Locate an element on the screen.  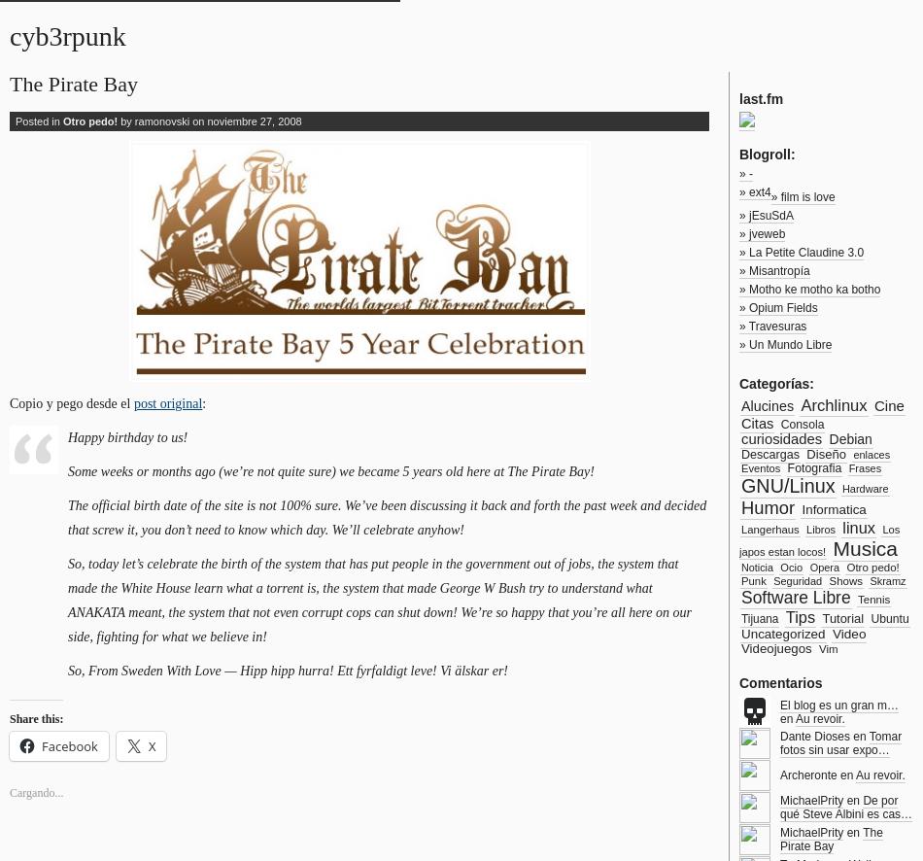
'Hardware' is located at coordinates (863, 487).